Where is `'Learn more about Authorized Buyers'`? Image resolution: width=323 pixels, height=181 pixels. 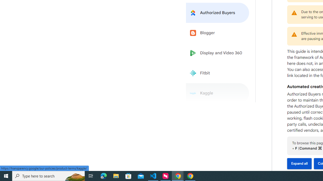
'Learn more about Authorized Buyers' is located at coordinates (218, 12).